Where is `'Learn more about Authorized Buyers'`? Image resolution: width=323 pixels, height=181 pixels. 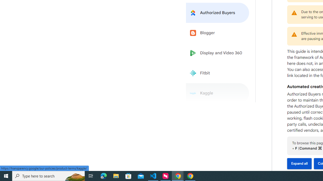
'Learn more about Authorized Buyers' is located at coordinates (218, 12).